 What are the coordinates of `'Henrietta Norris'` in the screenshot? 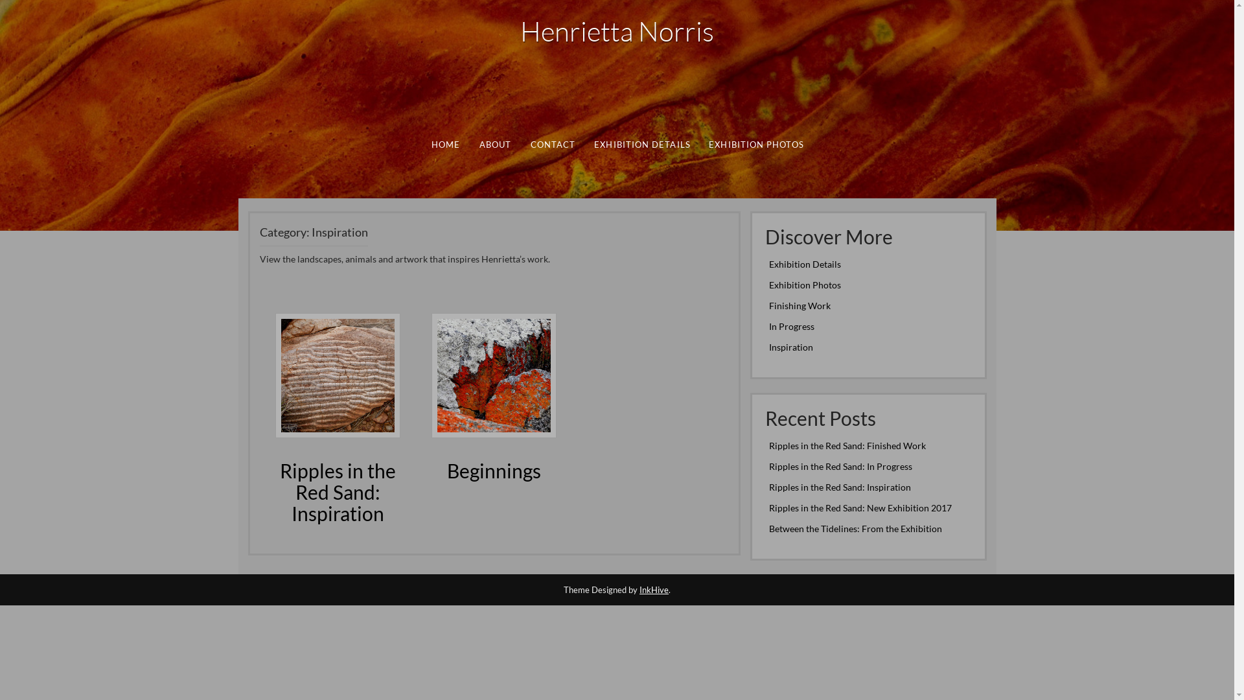 It's located at (616, 30).